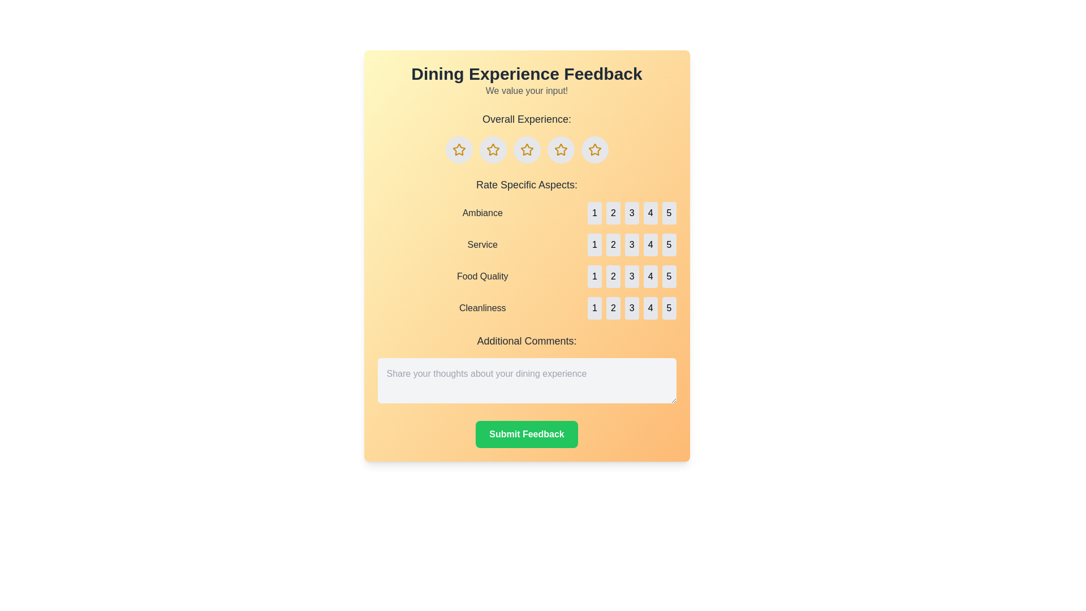 The image size is (1086, 611). What do you see at coordinates (594, 149) in the screenshot?
I see `the fourth star icon in the star rating component` at bounding box center [594, 149].